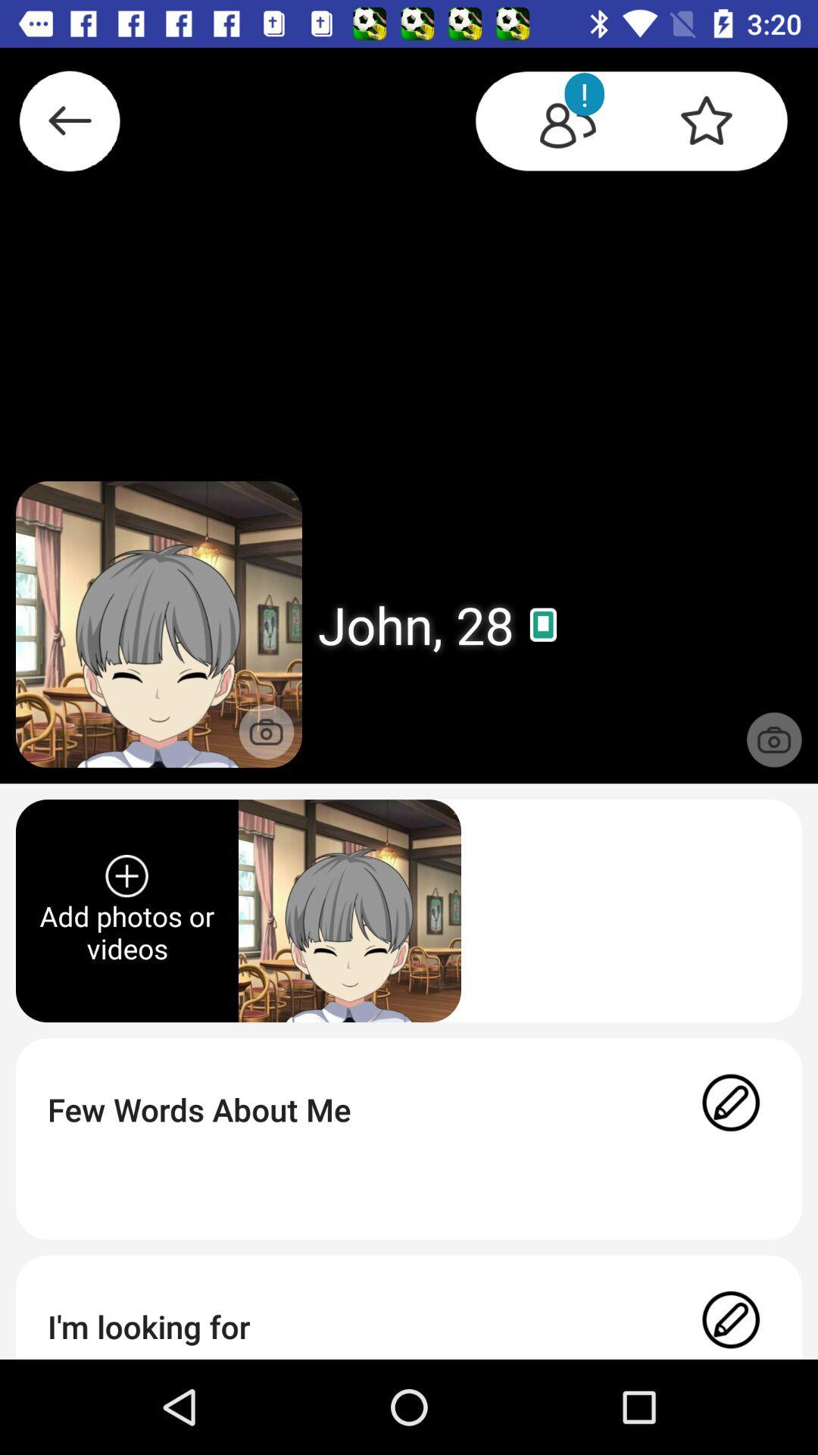 The height and width of the screenshot is (1455, 818). What do you see at coordinates (774, 740) in the screenshot?
I see `the photo icon` at bounding box center [774, 740].